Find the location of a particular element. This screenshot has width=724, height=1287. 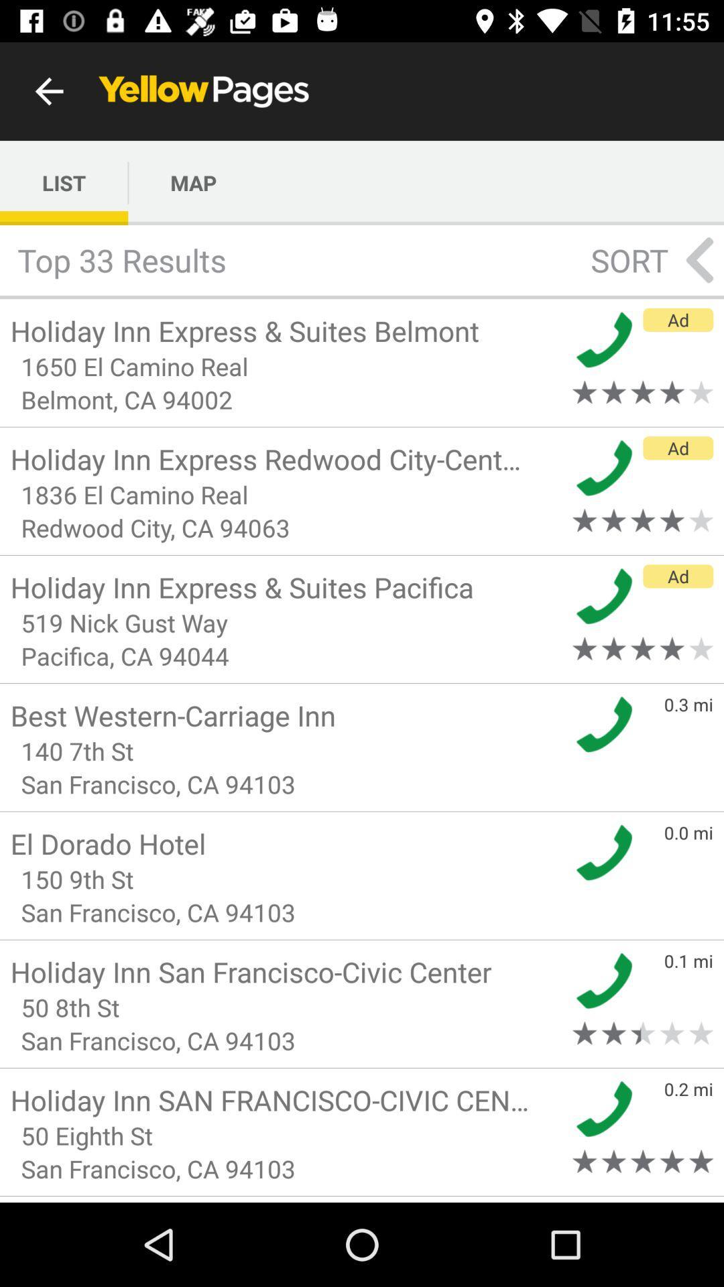

item below pacifica, ca 94044 is located at coordinates (286, 715).